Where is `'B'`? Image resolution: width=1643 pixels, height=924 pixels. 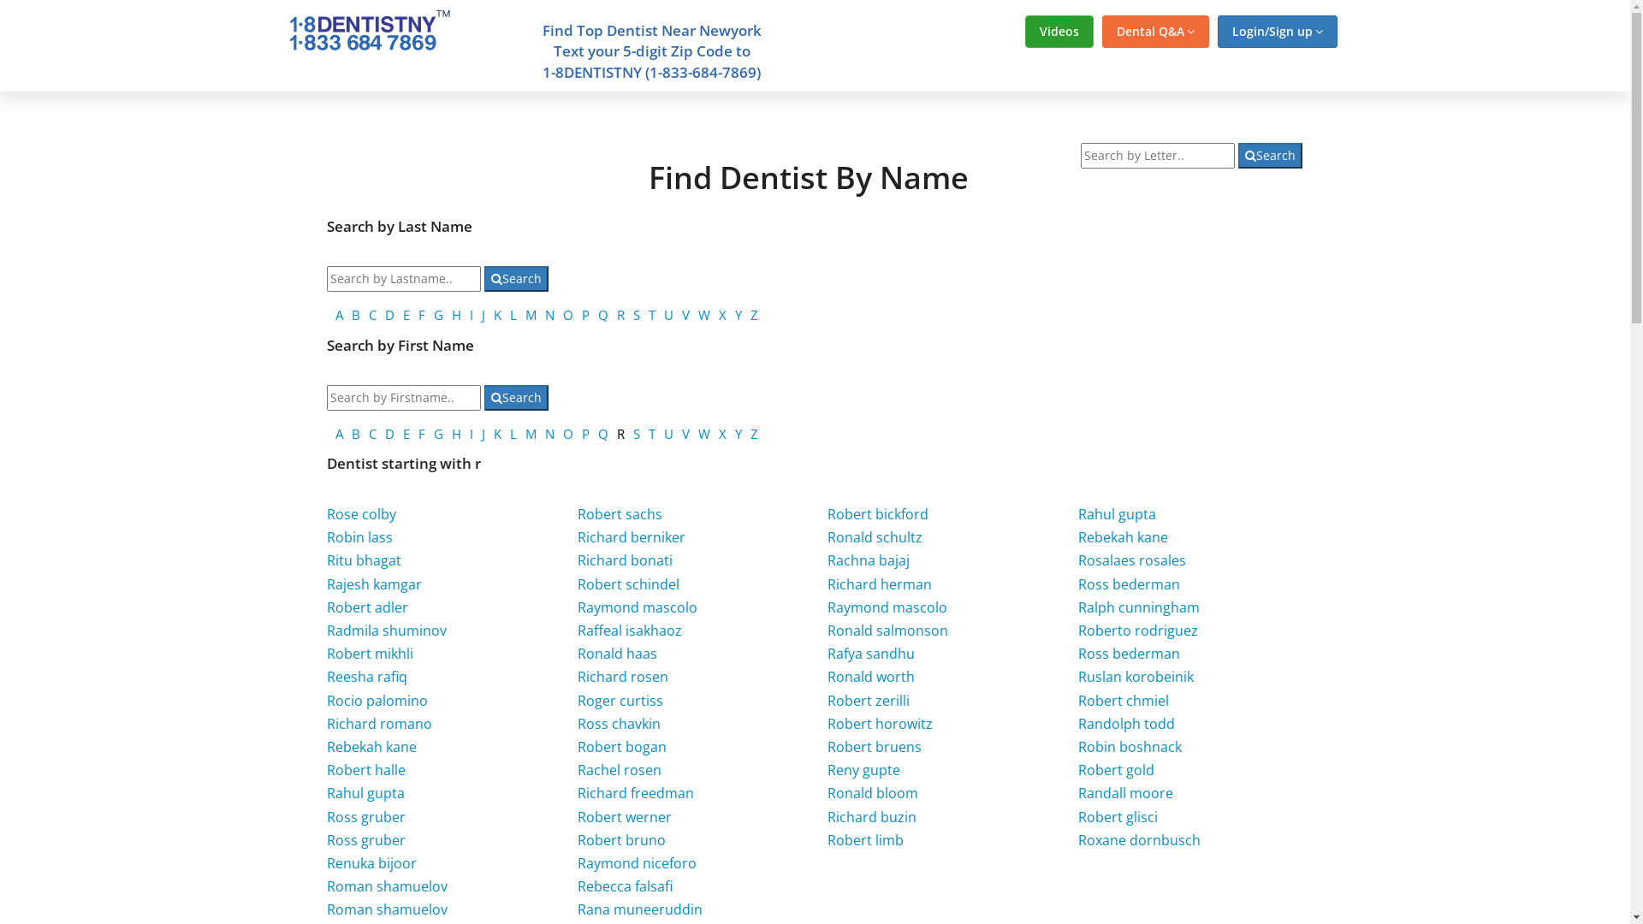
'B' is located at coordinates (355, 314).